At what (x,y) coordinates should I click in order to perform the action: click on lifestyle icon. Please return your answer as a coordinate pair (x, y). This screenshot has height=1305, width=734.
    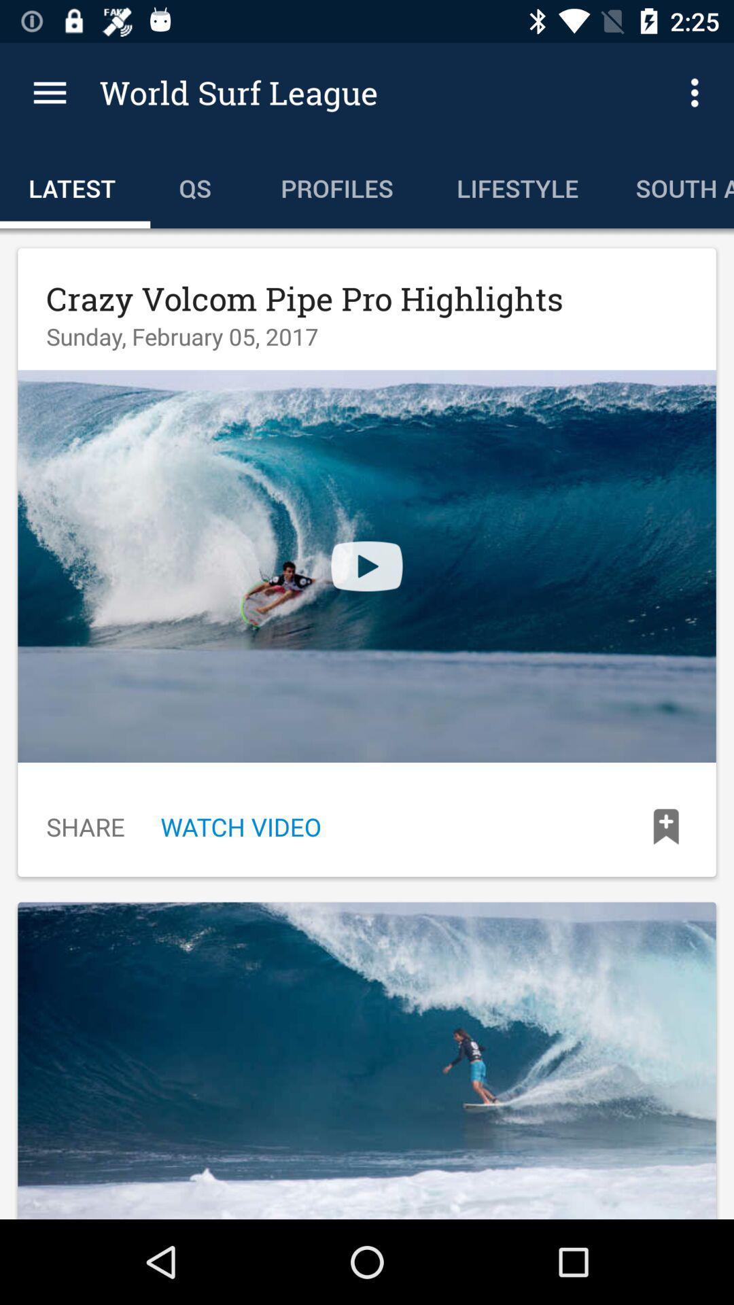
    Looking at the image, I should click on (517, 185).